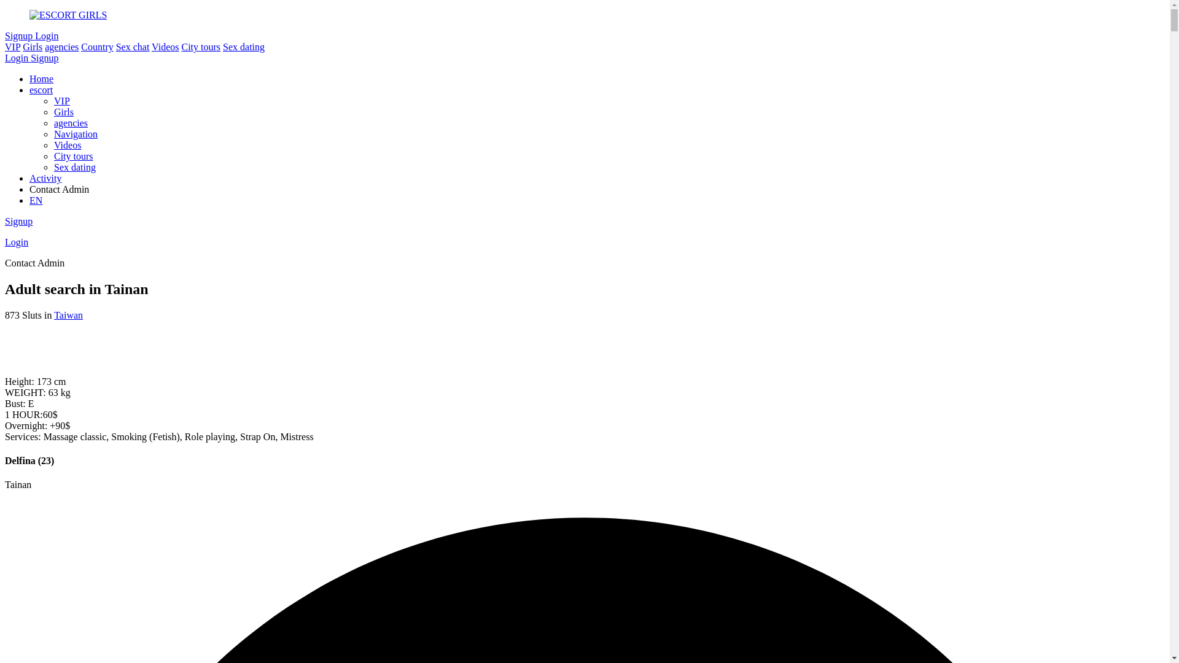 The width and height of the screenshot is (1179, 663). What do you see at coordinates (244, 46) in the screenshot?
I see `'Sex dating'` at bounding box center [244, 46].